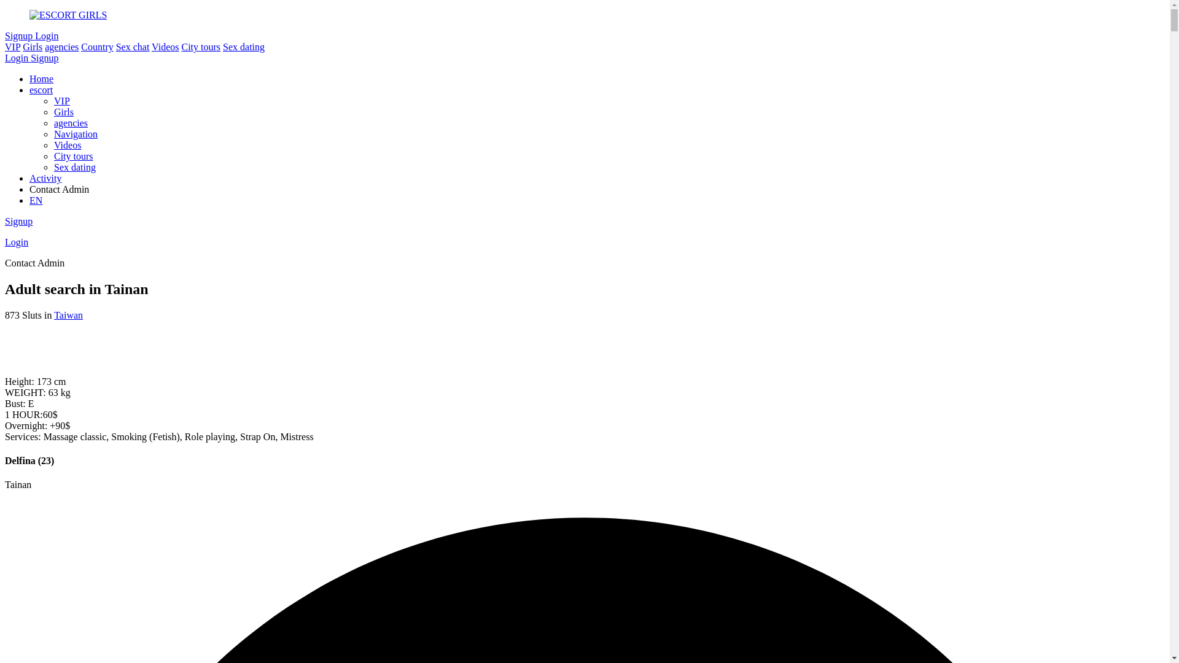 The width and height of the screenshot is (1179, 663). What do you see at coordinates (244, 46) in the screenshot?
I see `'Sex dating'` at bounding box center [244, 46].